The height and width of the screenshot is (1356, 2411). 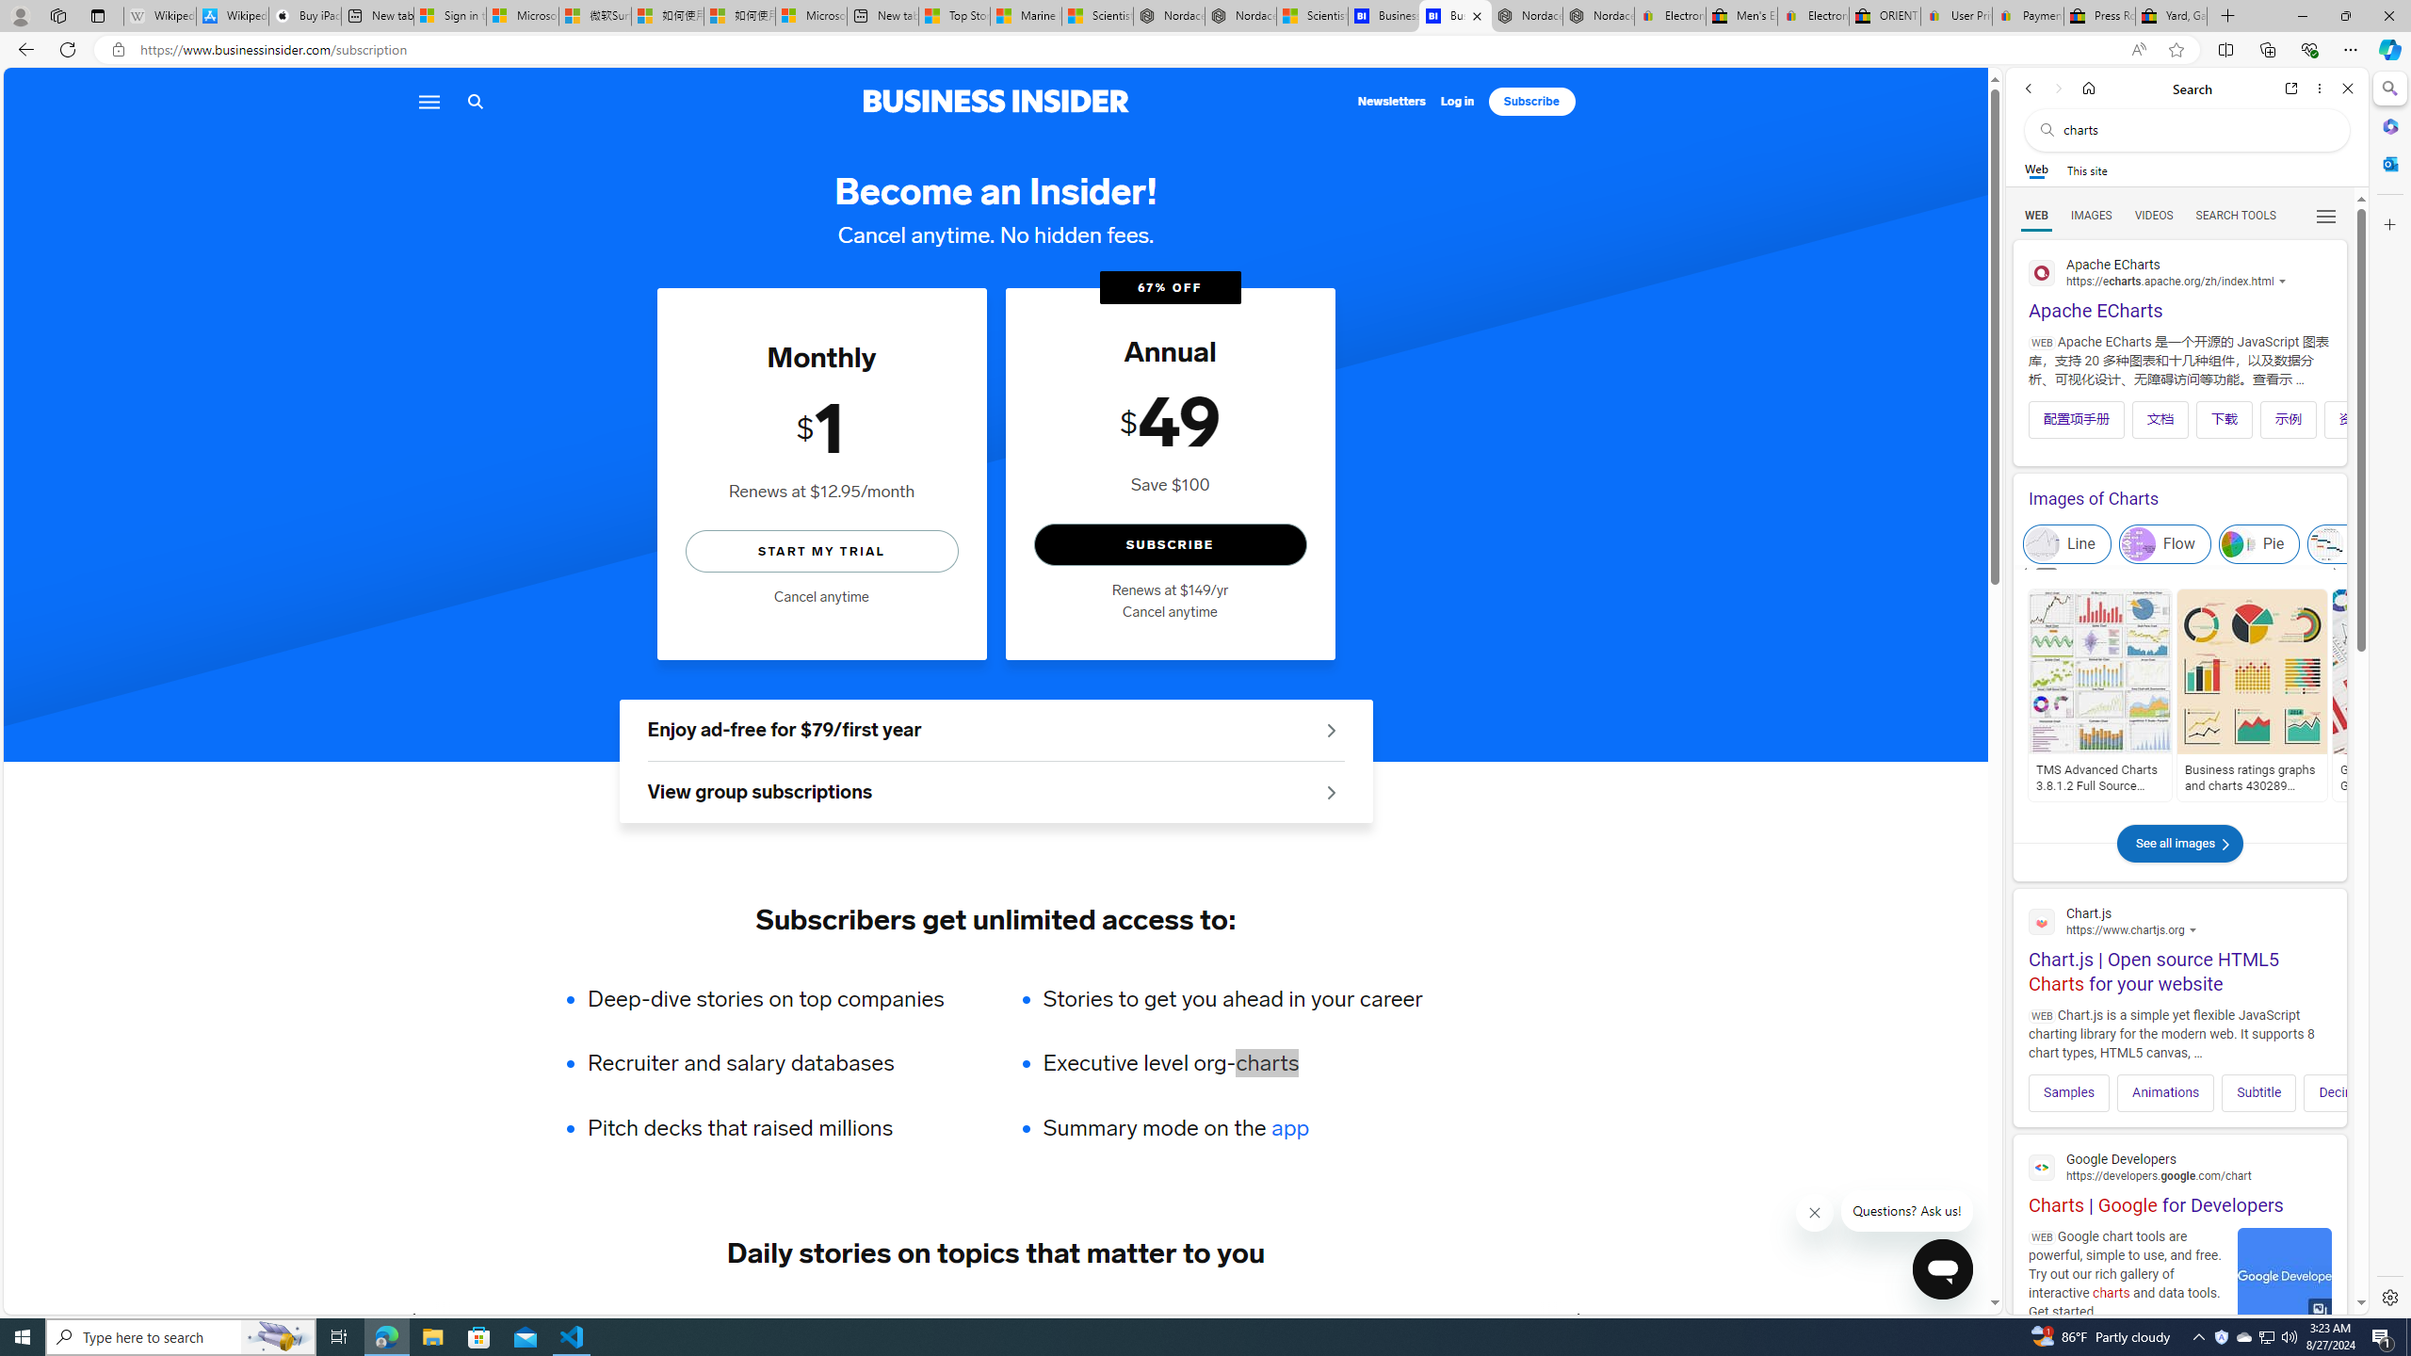 What do you see at coordinates (1391, 101) in the screenshot?
I see `'Newsletters'` at bounding box center [1391, 101].